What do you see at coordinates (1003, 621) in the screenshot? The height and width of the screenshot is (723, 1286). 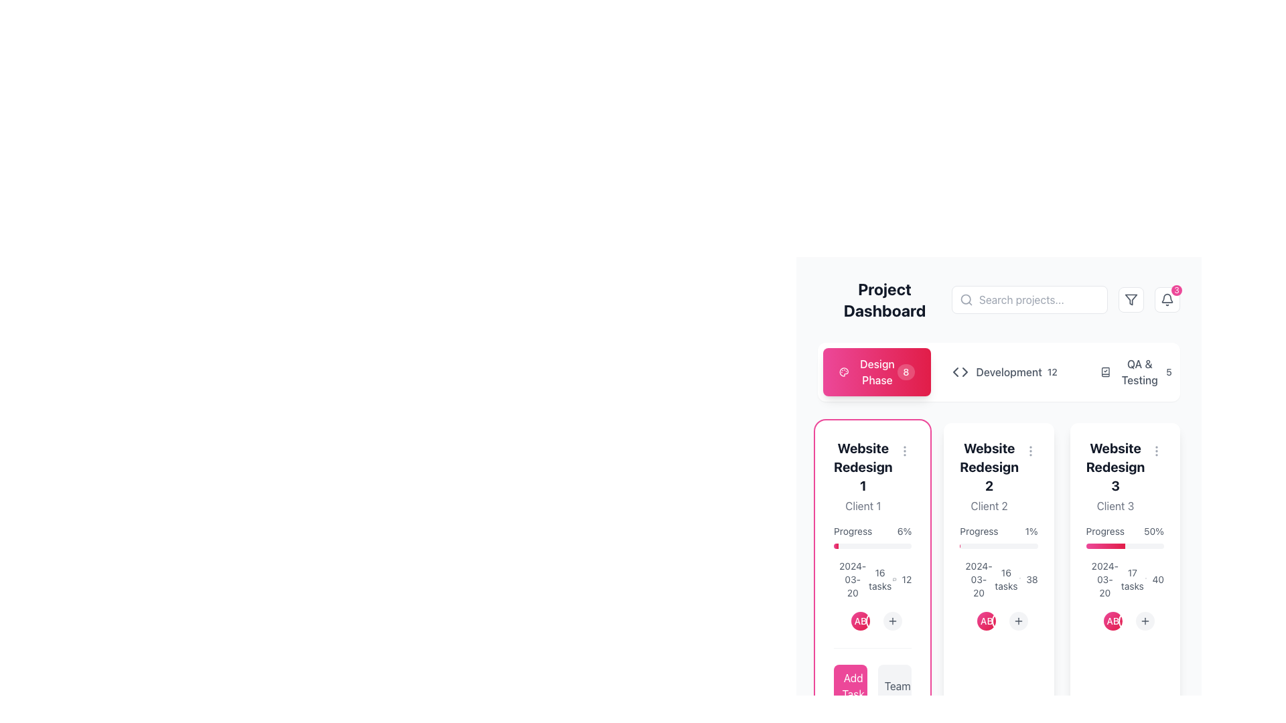 I see `the circular button with the text 'AB', which has a gradient background and is outlined with a white border` at bounding box center [1003, 621].